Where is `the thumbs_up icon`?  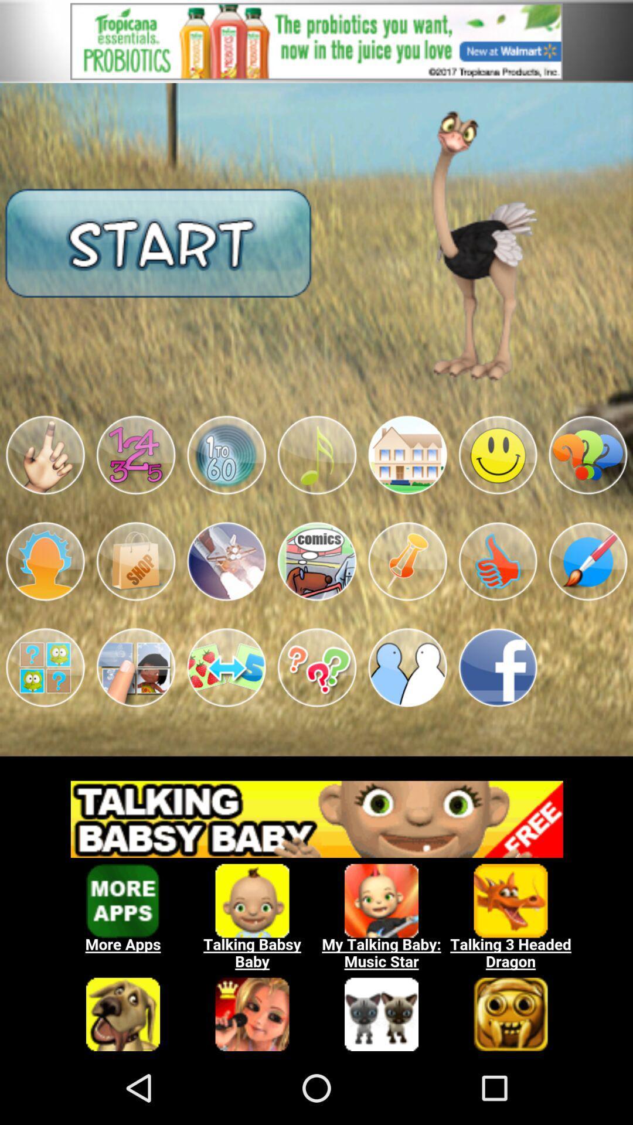
the thumbs_up icon is located at coordinates (498, 601).